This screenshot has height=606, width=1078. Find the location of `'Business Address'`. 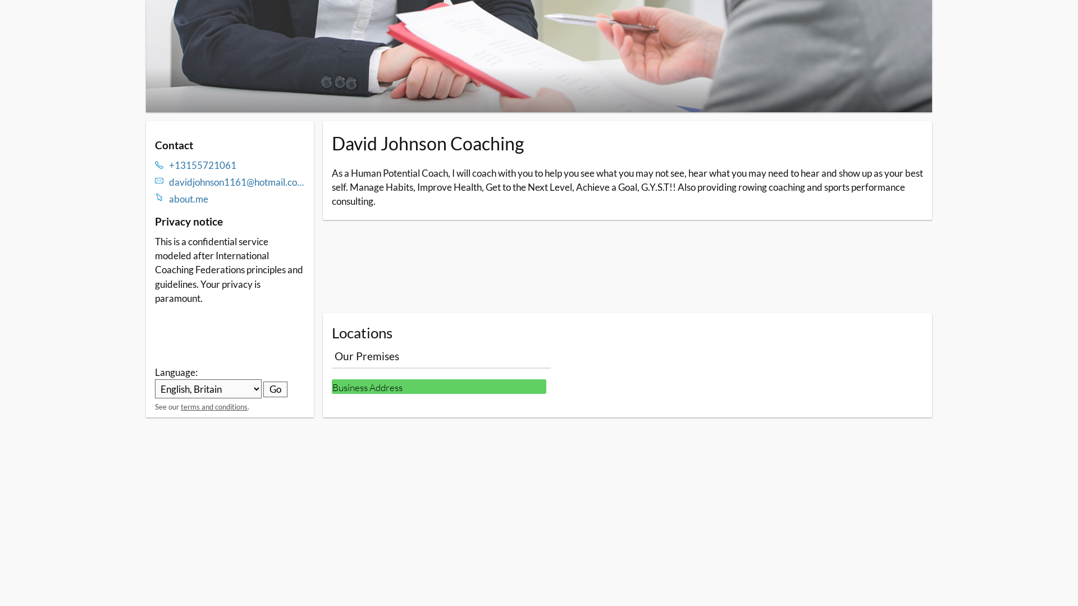

'Business Address' is located at coordinates (438, 386).